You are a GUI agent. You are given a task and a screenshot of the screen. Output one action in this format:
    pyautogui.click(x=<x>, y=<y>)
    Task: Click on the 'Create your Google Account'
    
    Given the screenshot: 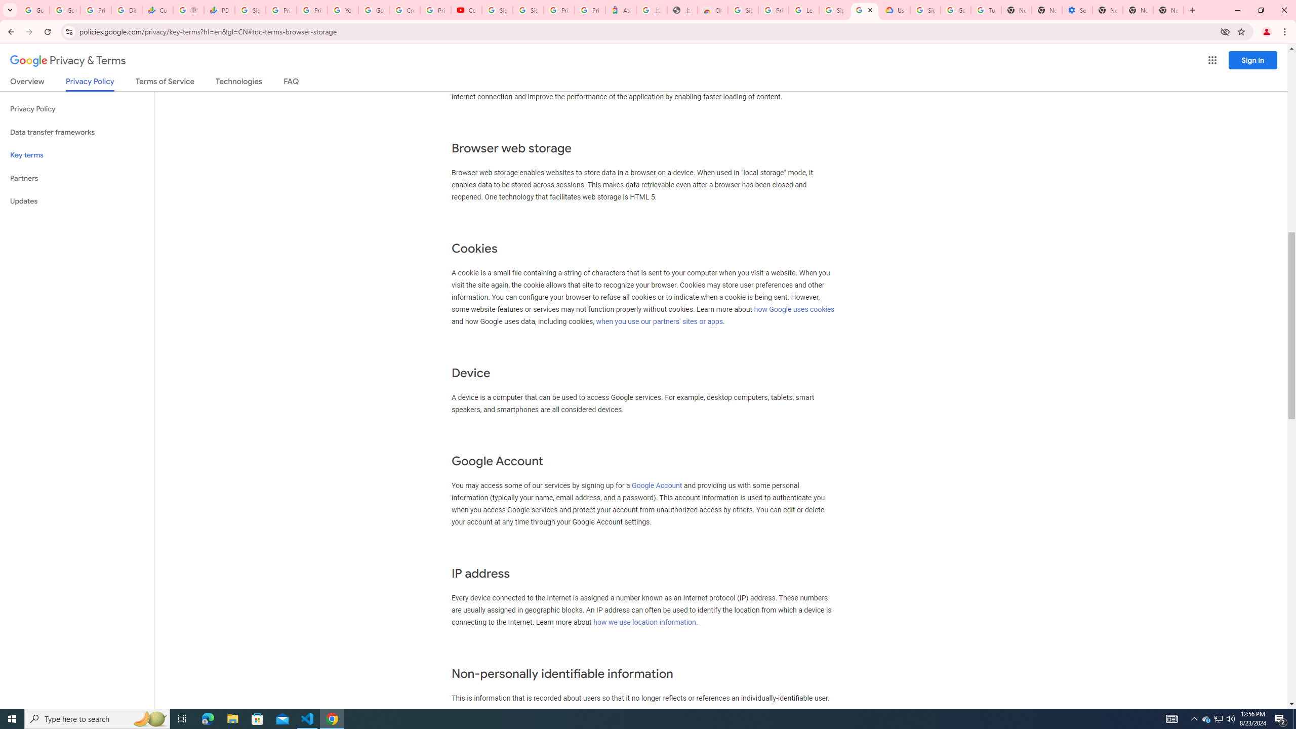 What is the action you would take?
    pyautogui.click(x=404, y=10)
    